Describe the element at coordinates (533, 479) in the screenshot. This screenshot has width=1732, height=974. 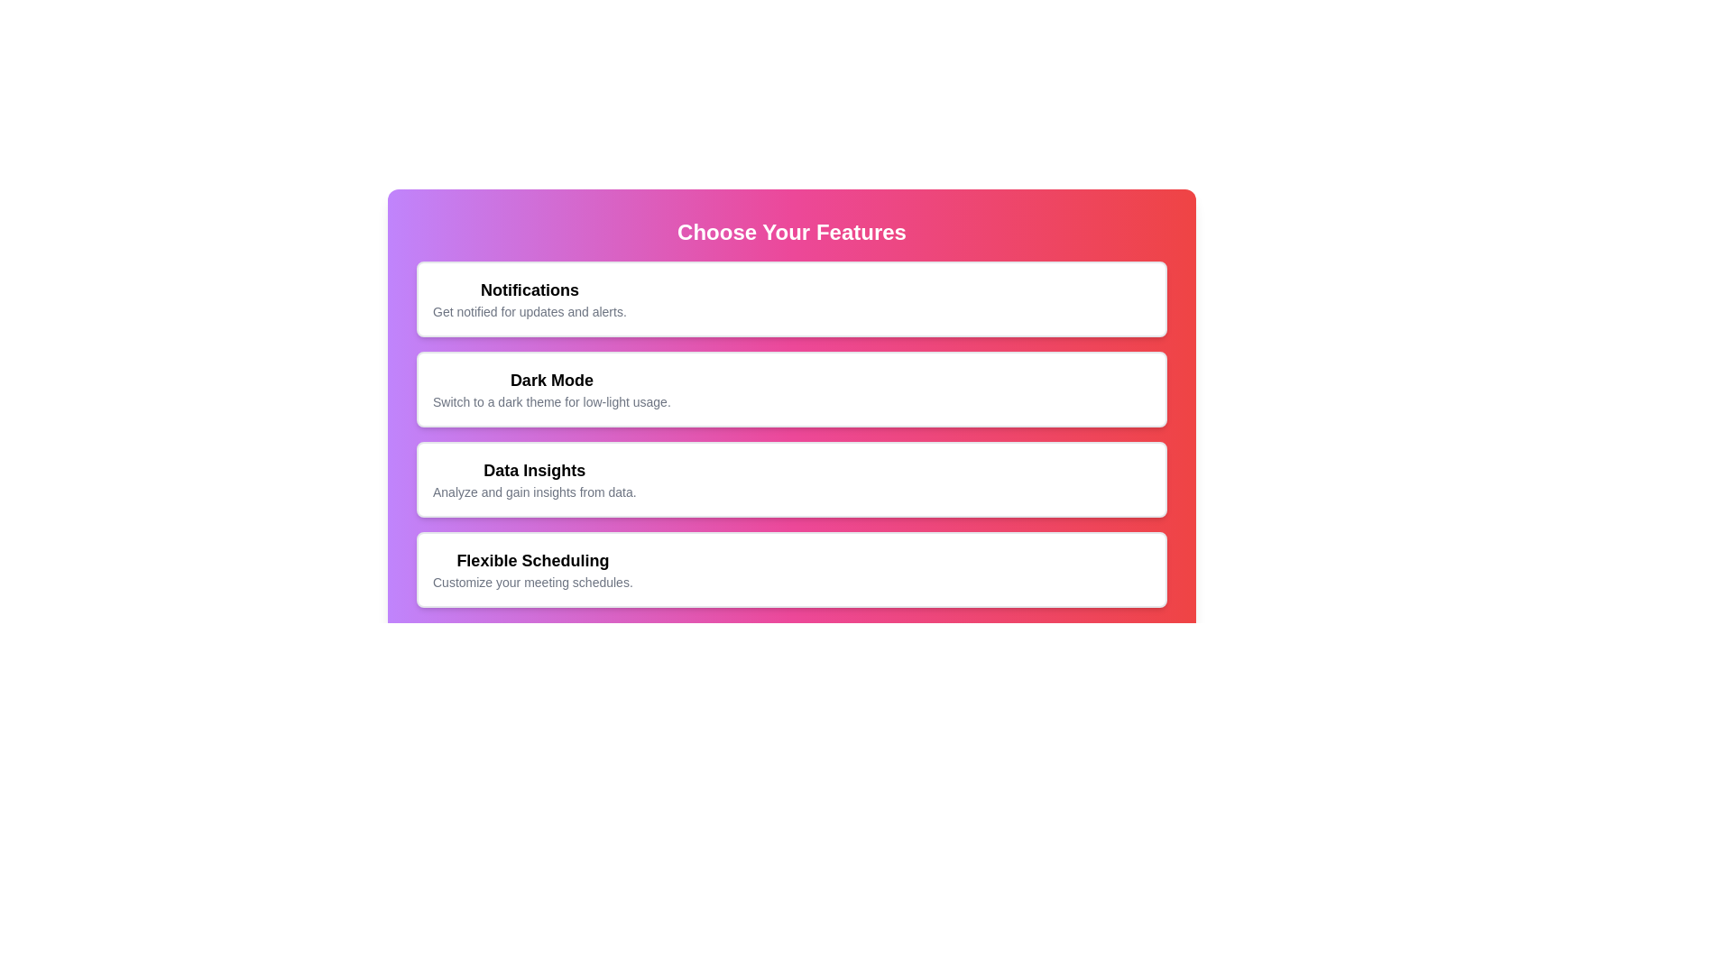
I see `informational text display titled 'Data Insights' located in the third card of the 'Choose Your Features' section, positioned between 'Dark Mode' and 'Flexible Scheduling'` at that location.